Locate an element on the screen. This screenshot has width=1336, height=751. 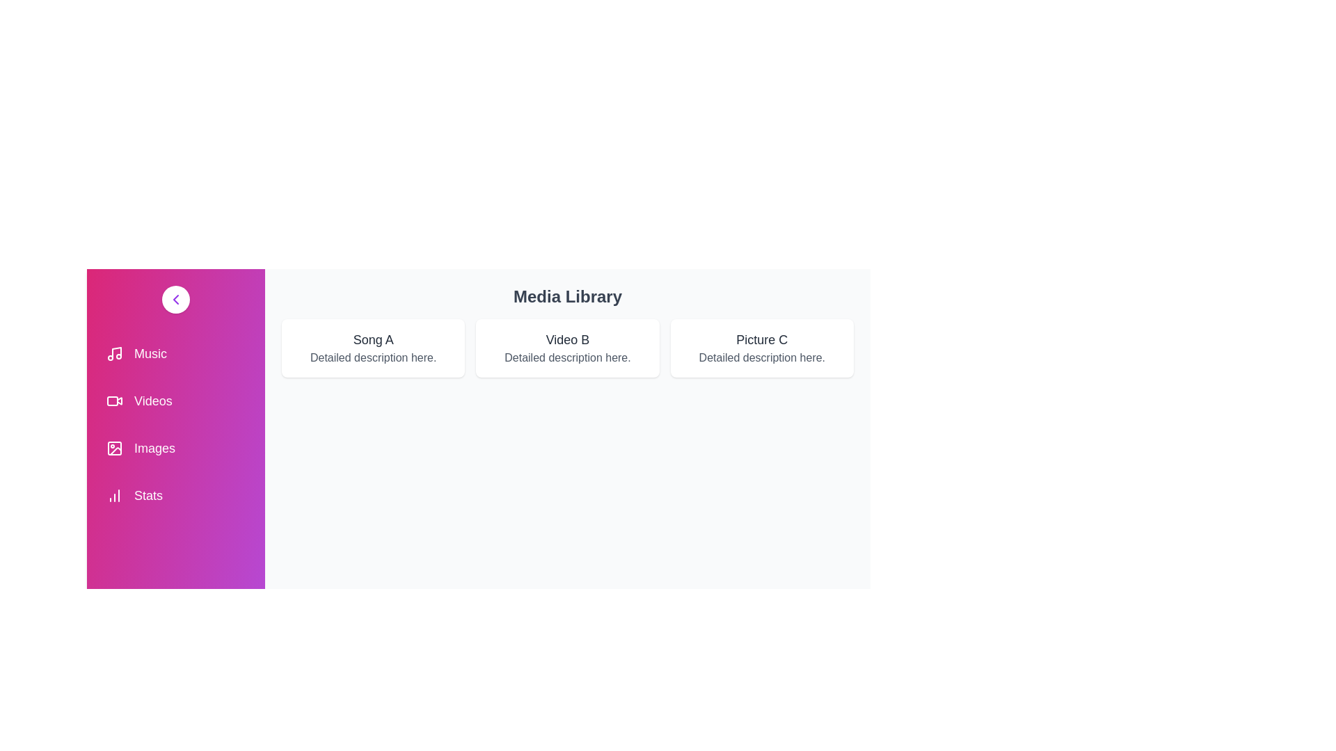
the menu item Videos to select it is located at coordinates (175, 401).